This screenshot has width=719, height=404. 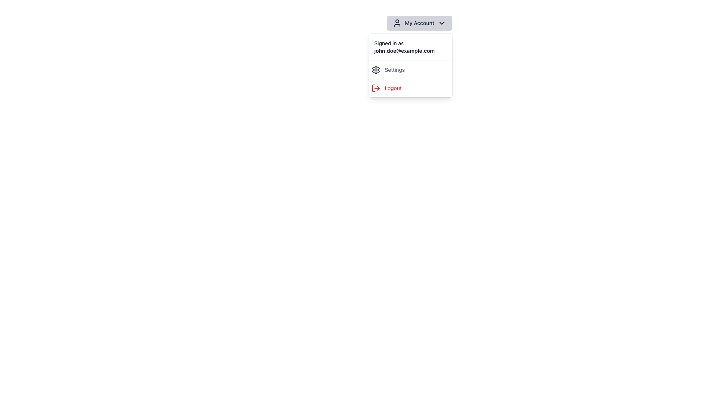 I want to click on the Decorative SVG graphic that represents the arrow indicator for the 'Logout' feature, located to the right of a vertical line in the dropdown menu, so click(x=378, y=88).